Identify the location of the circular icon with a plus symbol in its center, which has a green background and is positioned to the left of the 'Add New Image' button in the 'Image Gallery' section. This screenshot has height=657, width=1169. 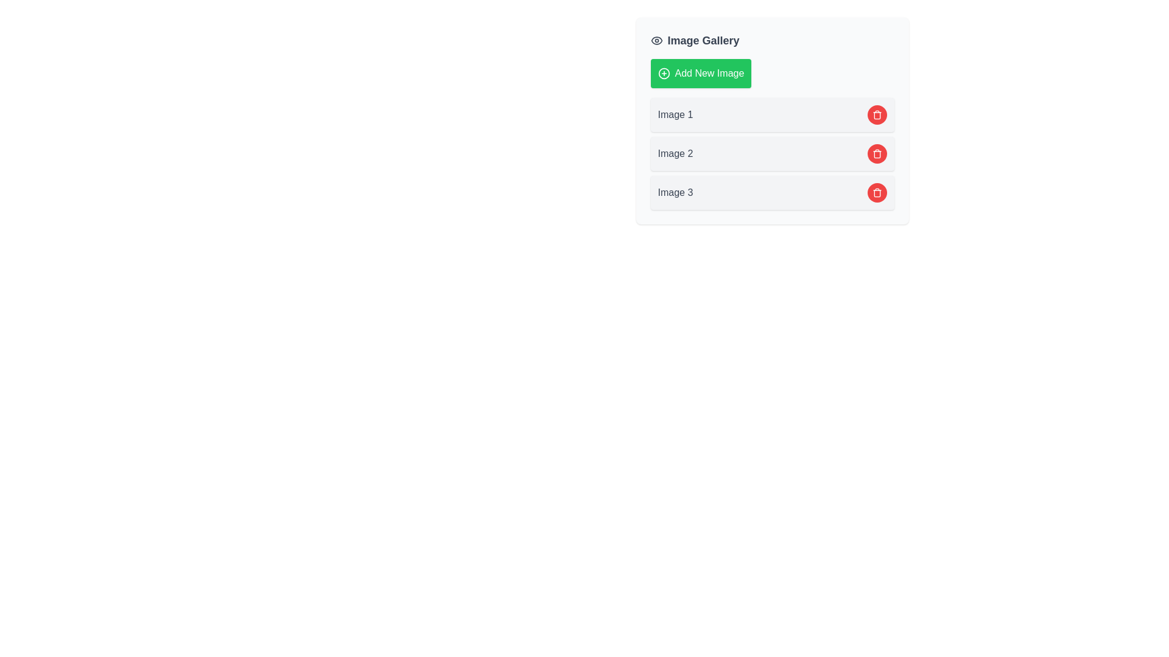
(663, 73).